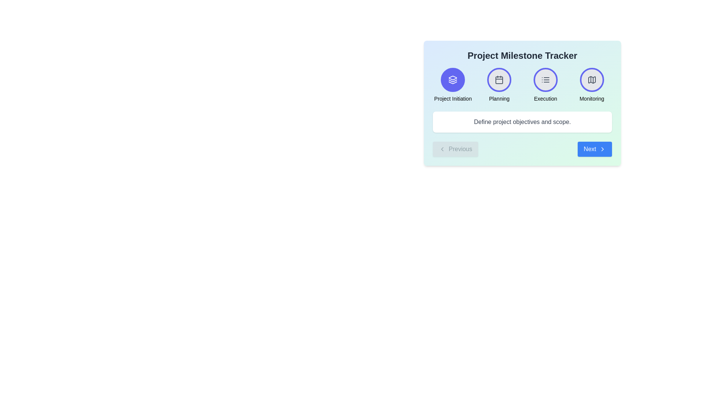  I want to click on the 'Project Initiation' button located at the top-left corner of the row of buttons in the project tracker interface, so click(452, 80).